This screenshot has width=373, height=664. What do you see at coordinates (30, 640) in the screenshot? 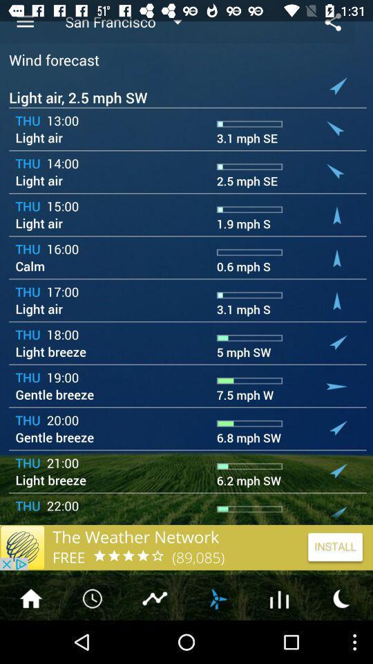
I see `the home icon` at bounding box center [30, 640].